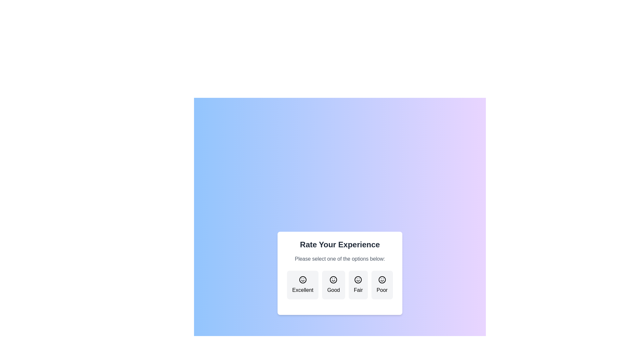 This screenshot has height=351, width=624. I want to click on the main circular body of the smiley face icon labeled 'Fair' in the rating interface, so click(358, 279).